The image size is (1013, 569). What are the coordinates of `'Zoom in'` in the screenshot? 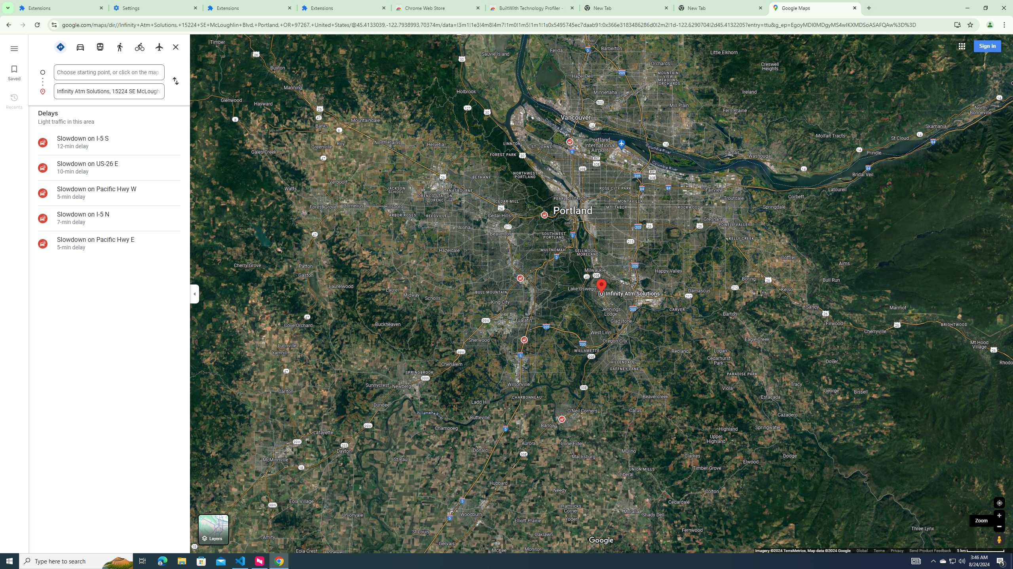 It's located at (999, 515).